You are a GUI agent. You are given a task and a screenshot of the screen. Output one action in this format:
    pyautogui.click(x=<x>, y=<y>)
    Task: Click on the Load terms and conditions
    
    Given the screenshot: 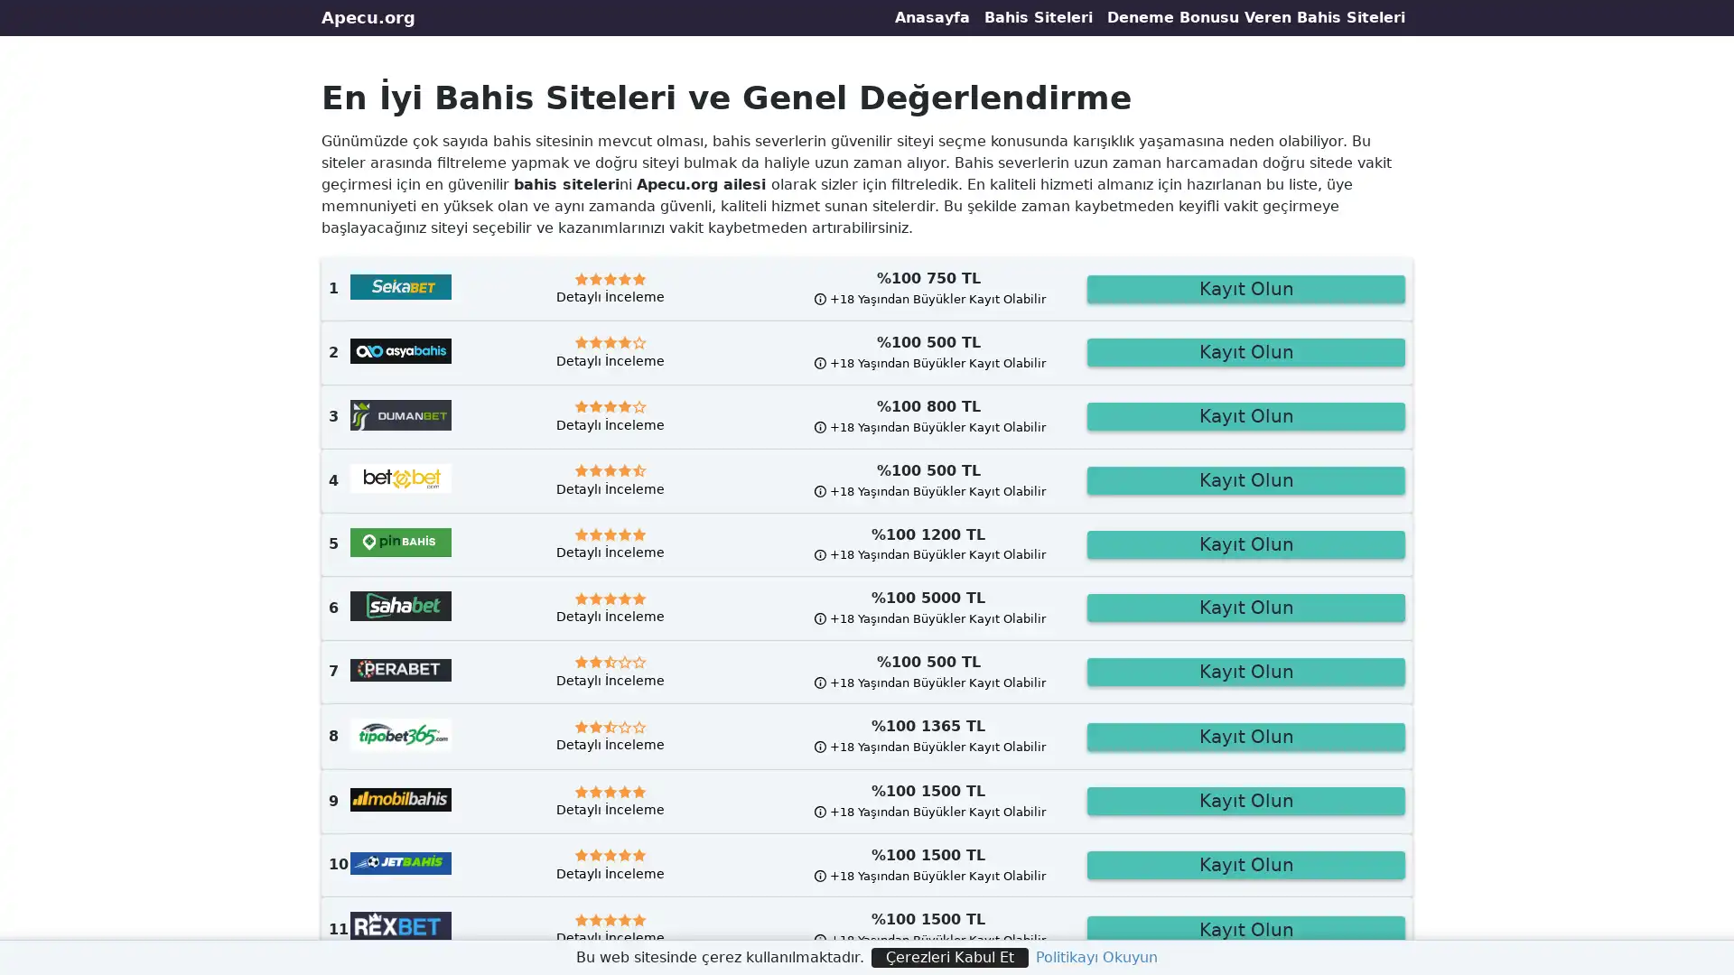 What is the action you would take?
    pyautogui.click(x=928, y=939)
    